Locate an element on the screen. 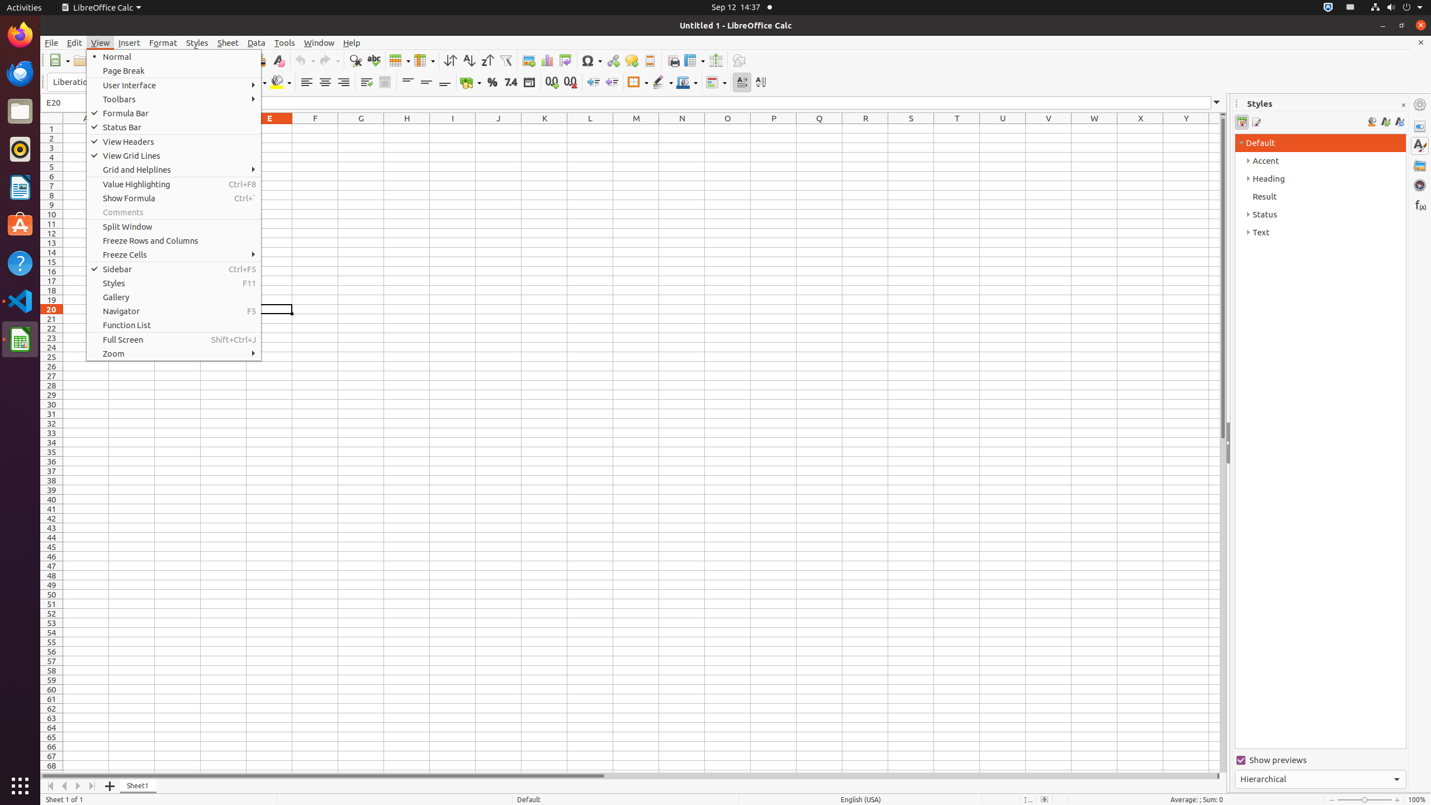  'Symbol' is located at coordinates (591, 60).